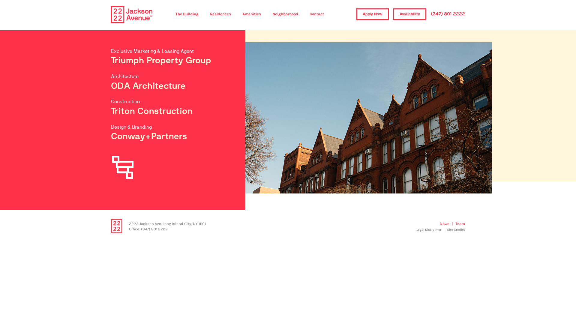 This screenshot has height=324, width=576. Describe the element at coordinates (447, 229) in the screenshot. I see `'Site Credits'` at that location.